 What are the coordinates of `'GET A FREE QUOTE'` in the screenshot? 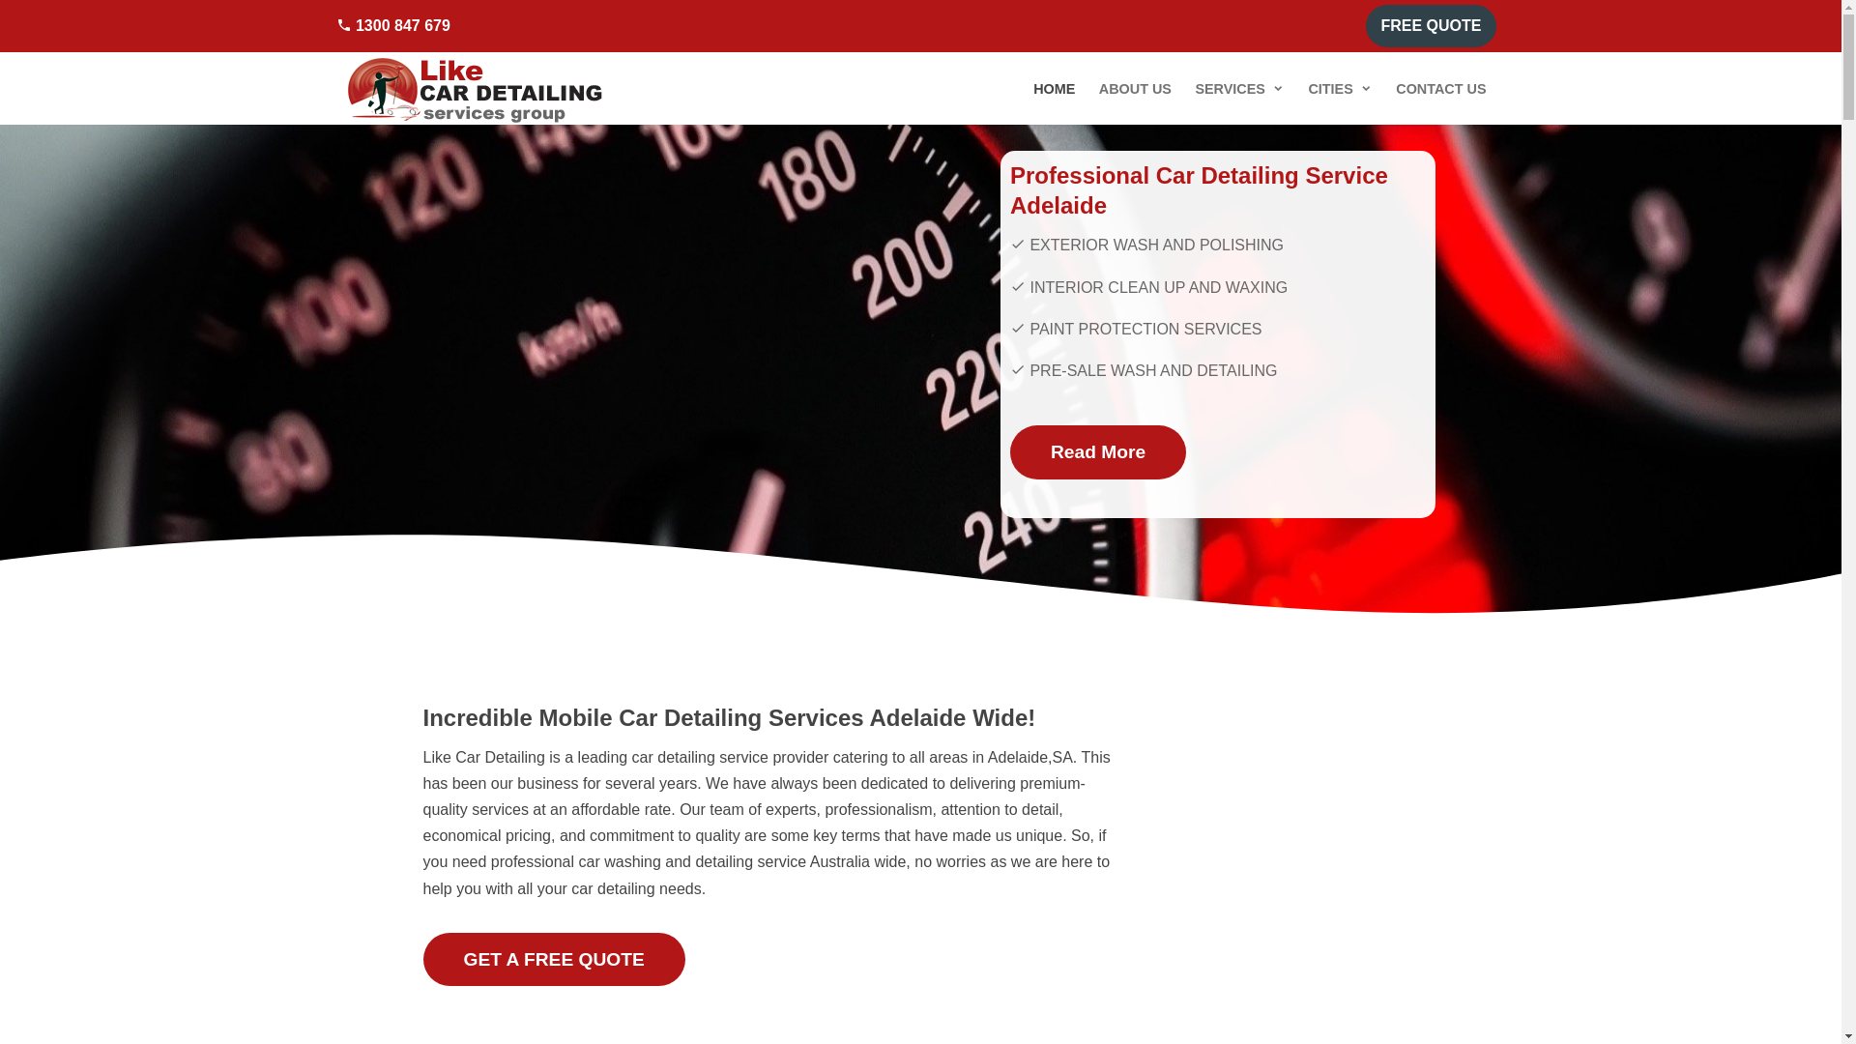 It's located at (553, 959).